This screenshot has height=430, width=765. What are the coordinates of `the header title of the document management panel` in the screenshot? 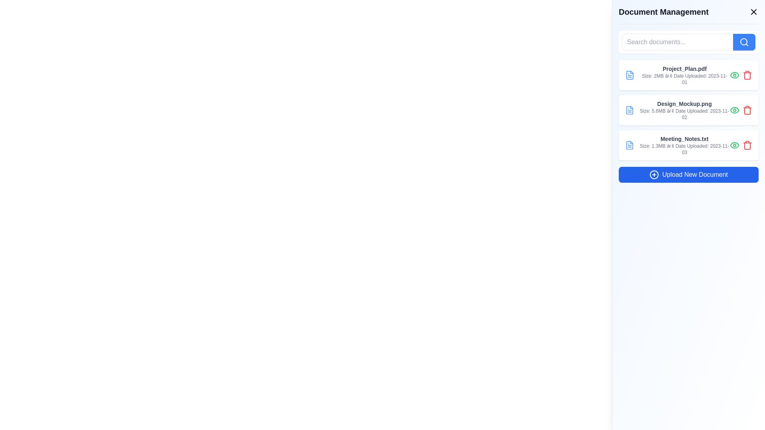 It's located at (688, 15).